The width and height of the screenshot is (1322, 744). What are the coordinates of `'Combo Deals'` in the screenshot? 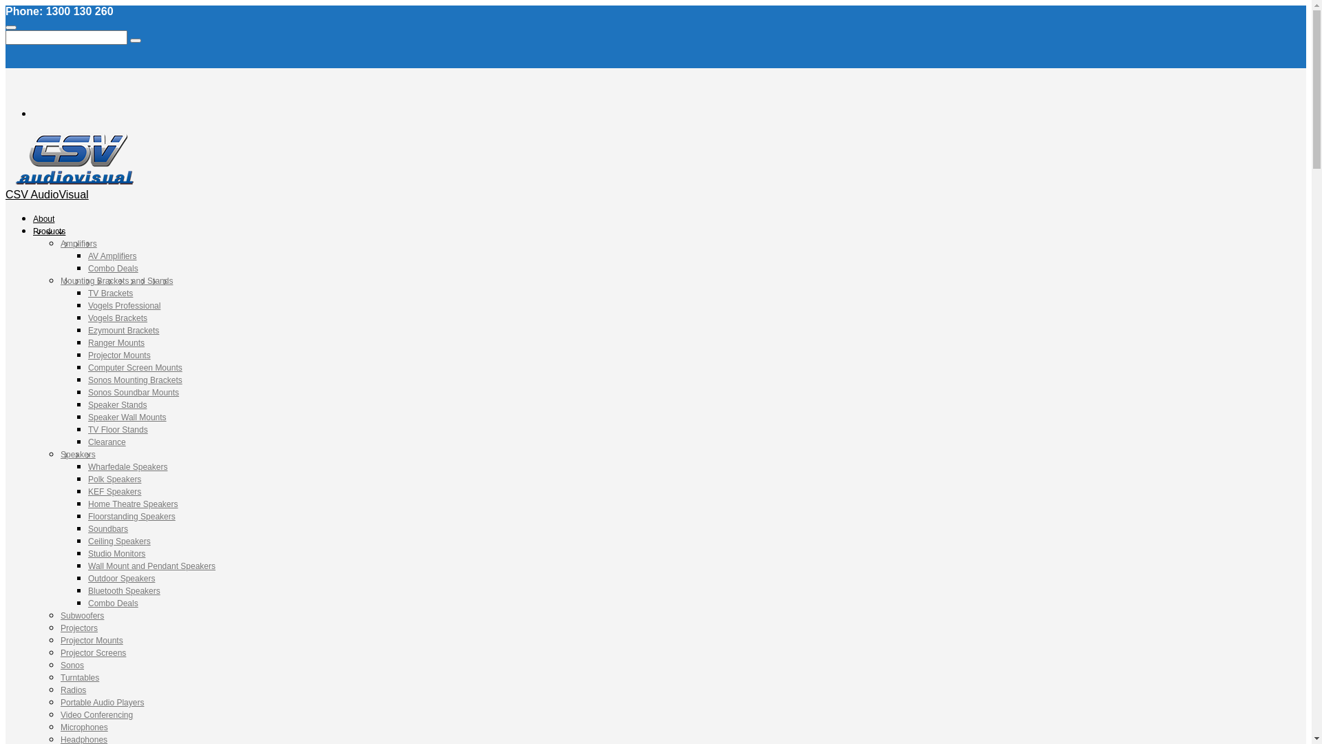 It's located at (113, 268).